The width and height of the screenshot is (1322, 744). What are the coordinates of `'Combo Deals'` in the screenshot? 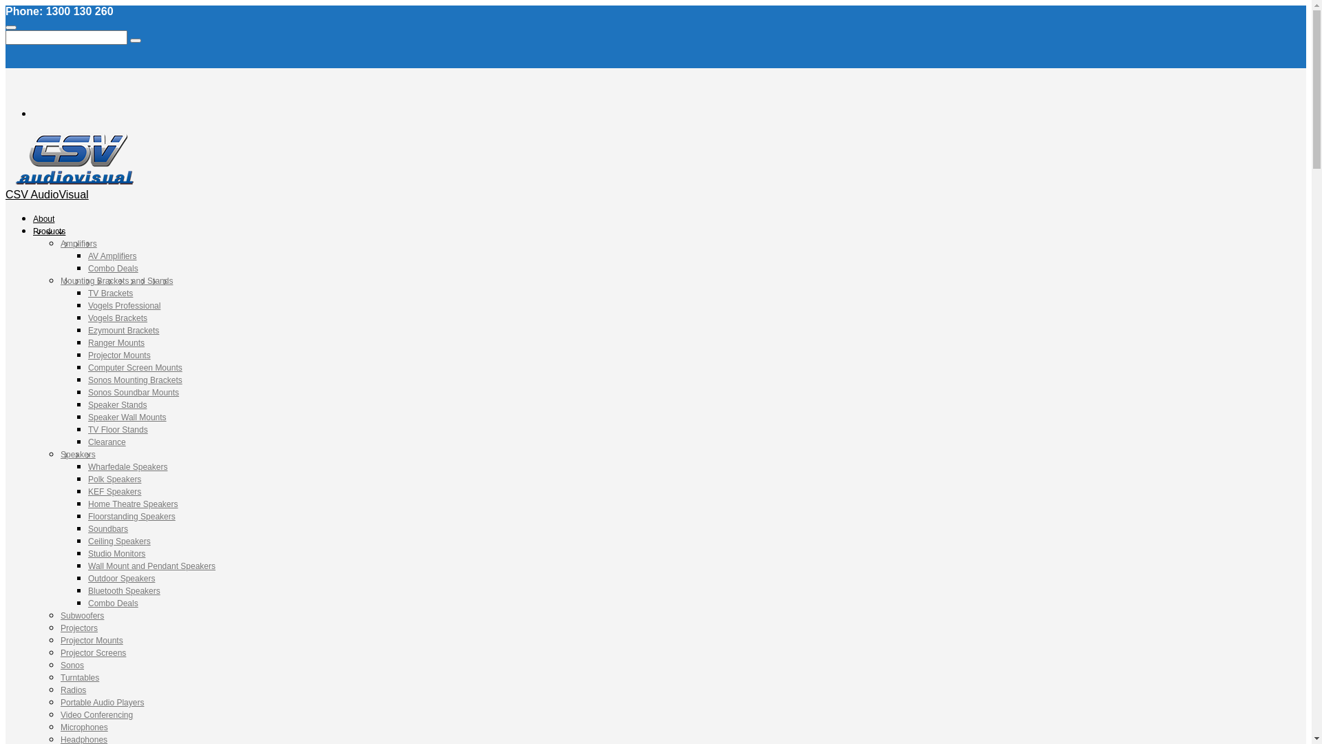 It's located at (113, 268).